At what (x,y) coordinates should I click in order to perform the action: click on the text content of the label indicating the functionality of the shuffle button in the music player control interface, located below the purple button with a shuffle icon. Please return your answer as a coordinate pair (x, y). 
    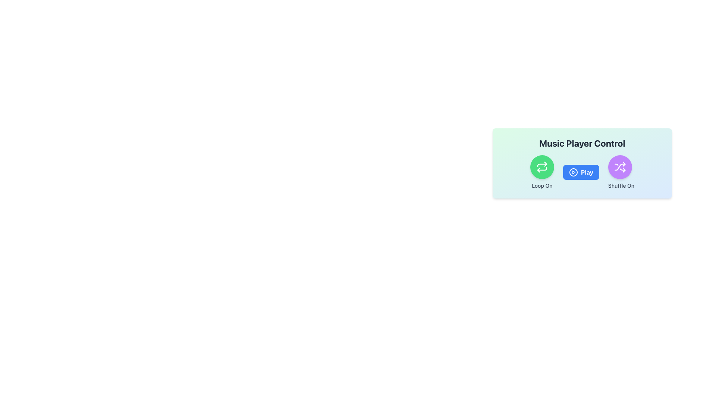
    Looking at the image, I should click on (621, 185).